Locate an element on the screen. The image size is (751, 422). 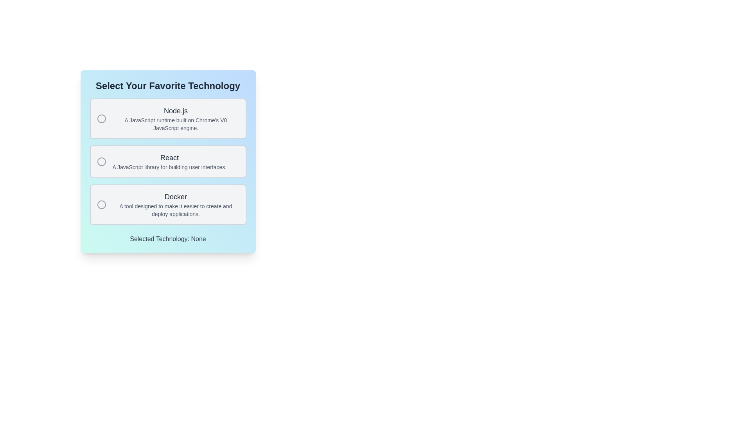
the static text element that displays 'Docker' and its description, located in the third option of the choice list 'Select Your Favorite Technology' is located at coordinates (175, 204).